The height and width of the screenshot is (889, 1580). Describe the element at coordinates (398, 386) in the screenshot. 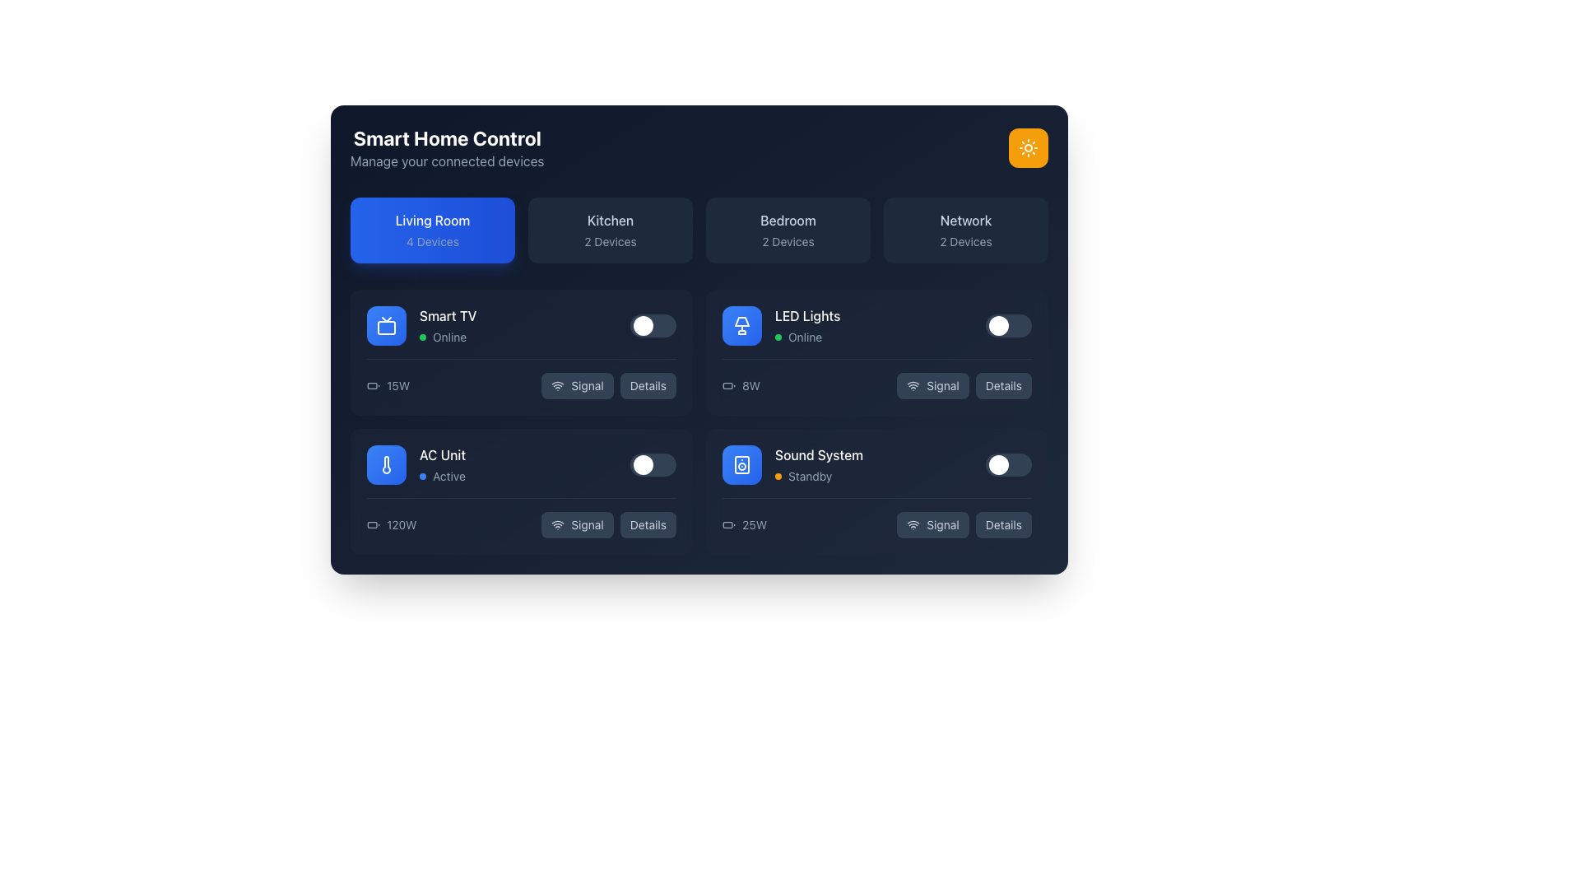

I see `text label '15W' which indicates power consumption, located in the second row of the first room's device list in the home control panel` at that location.